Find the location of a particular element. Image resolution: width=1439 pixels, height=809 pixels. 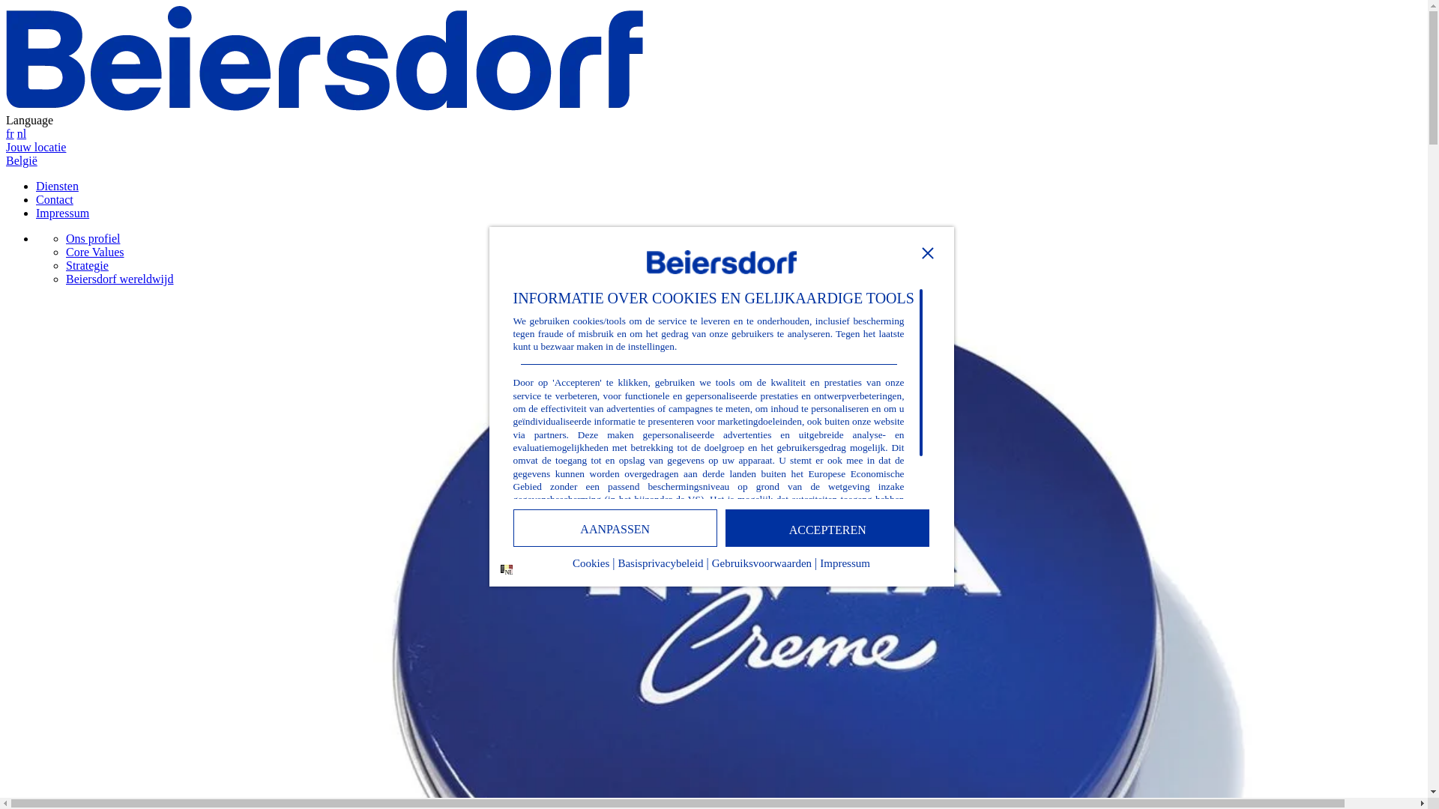

'nl' is located at coordinates (21, 133).